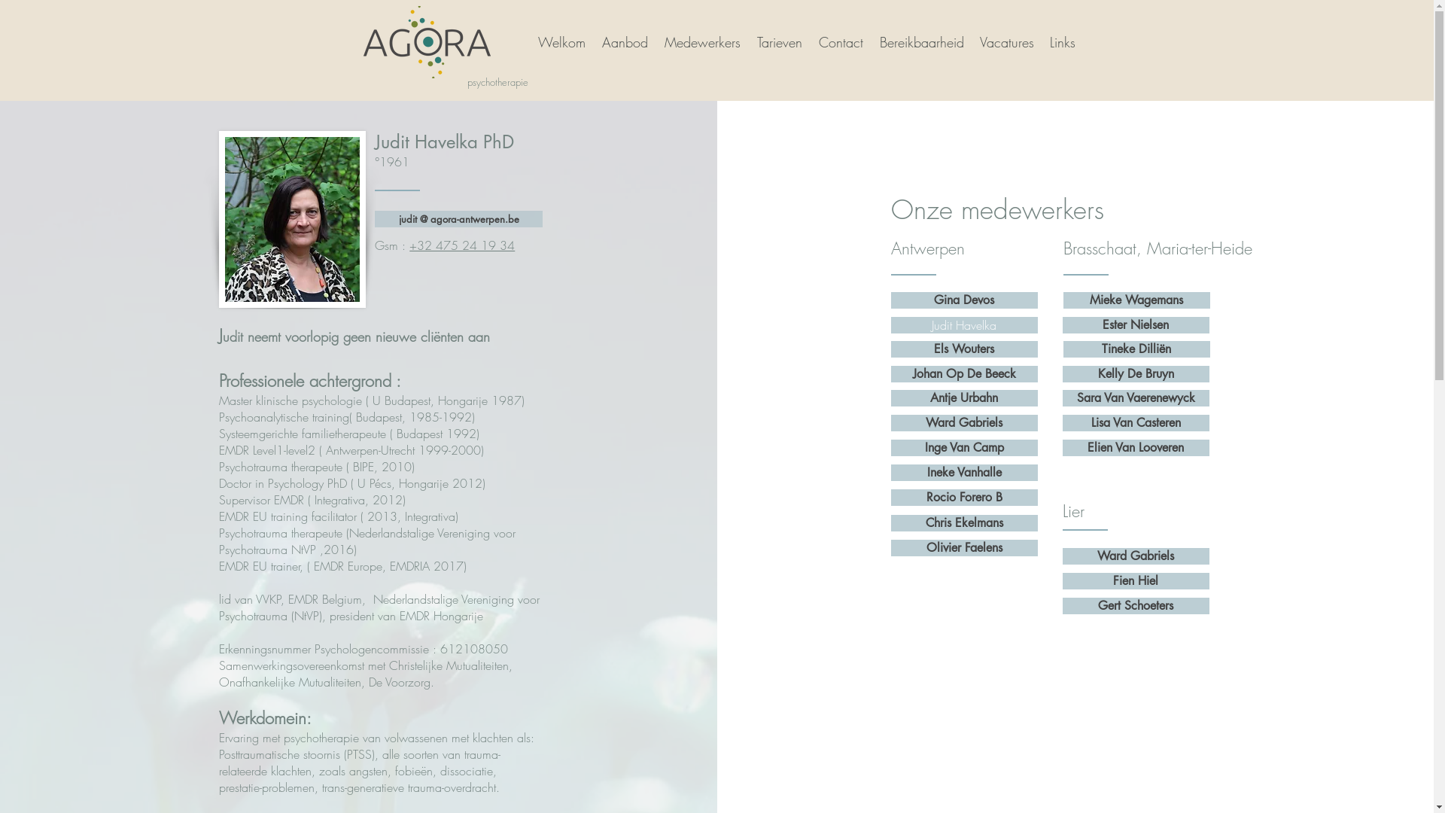 This screenshot has height=813, width=1445. What do you see at coordinates (1136, 556) in the screenshot?
I see `'Ward Gabriels'` at bounding box center [1136, 556].